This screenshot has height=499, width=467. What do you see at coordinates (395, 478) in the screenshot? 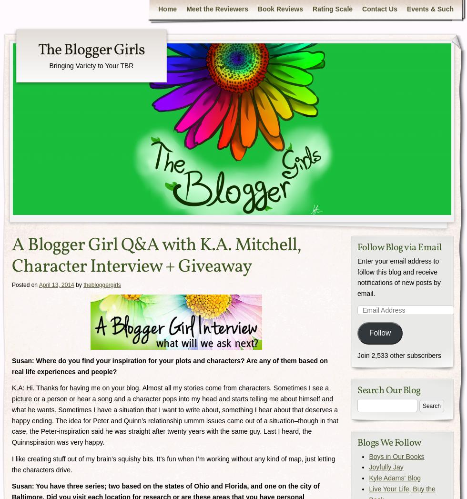
I see `'Kyle Adams' Blog'` at bounding box center [395, 478].